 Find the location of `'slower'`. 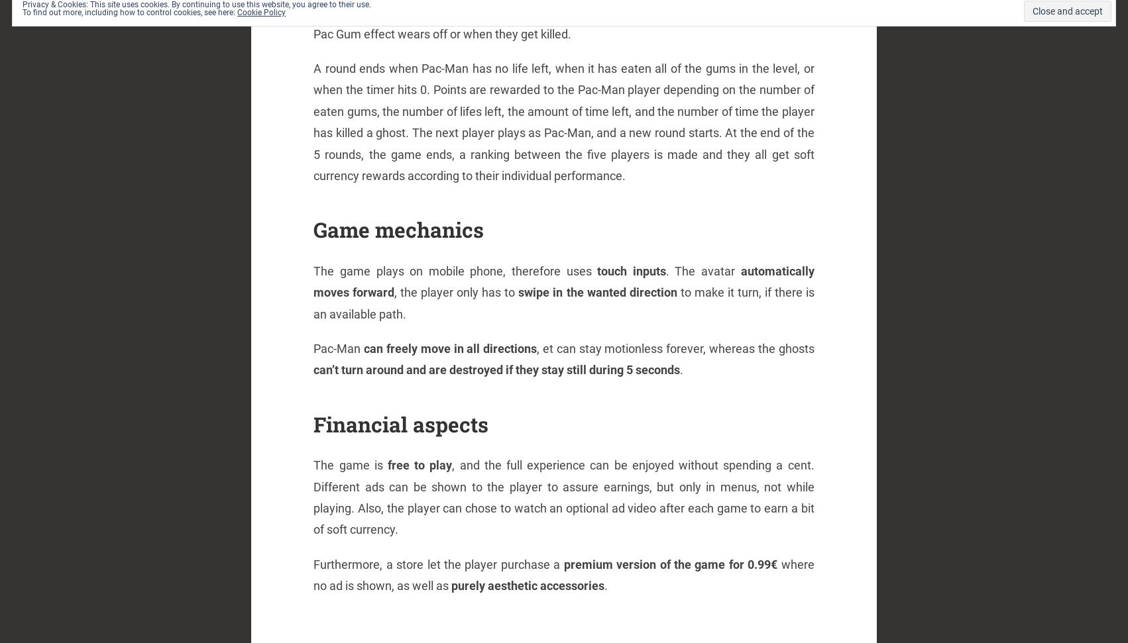

'slower' is located at coordinates (520, 12).